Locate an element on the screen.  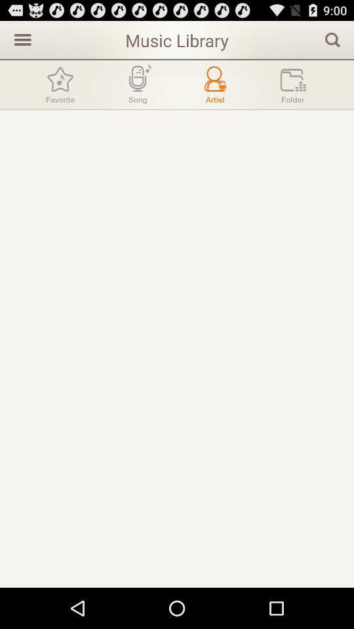
item below music library item is located at coordinates (137, 84).